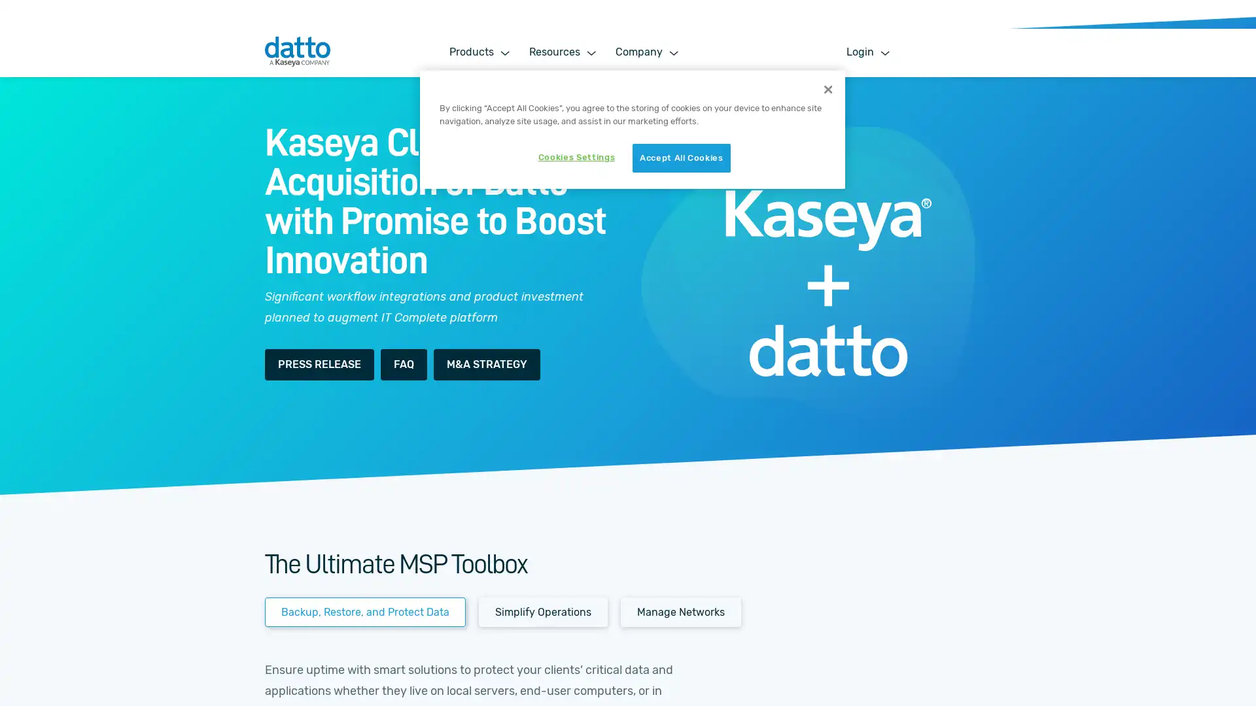  Describe the element at coordinates (828, 89) in the screenshot. I see `Close` at that location.